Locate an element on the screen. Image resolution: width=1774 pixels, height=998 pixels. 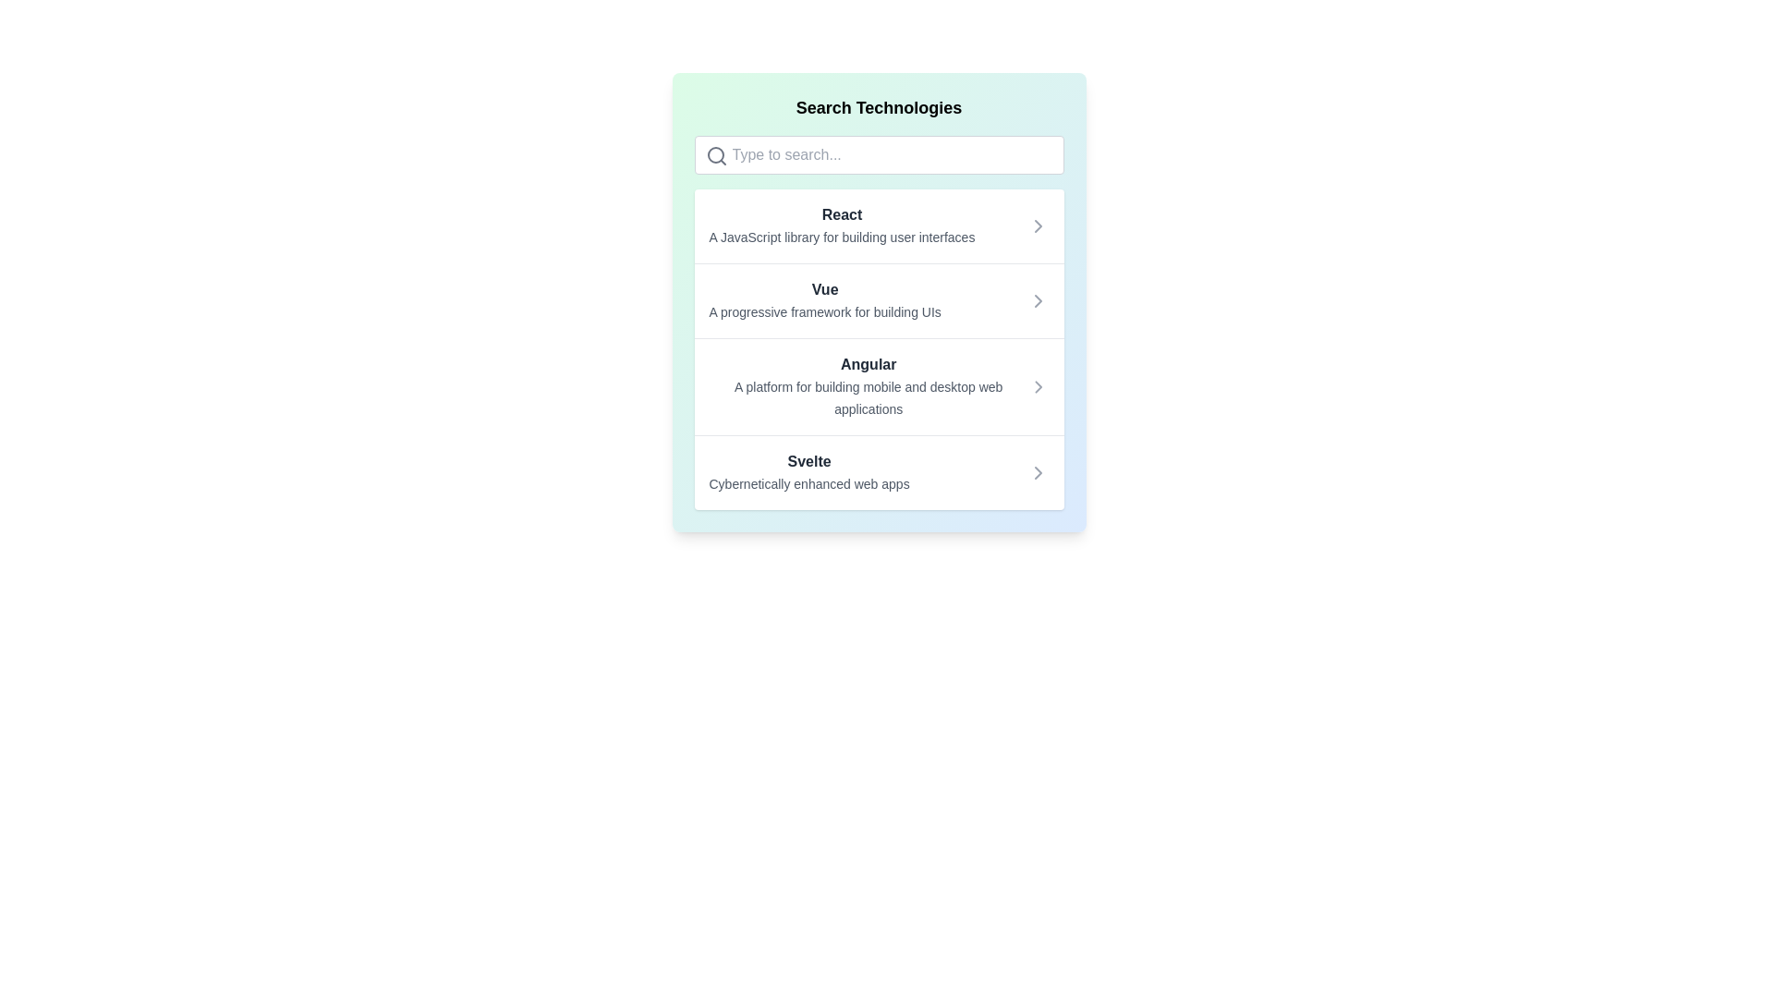
the chevron icon located at the far right of the 'Vue' item in the vertical list is located at coordinates (1038, 300).